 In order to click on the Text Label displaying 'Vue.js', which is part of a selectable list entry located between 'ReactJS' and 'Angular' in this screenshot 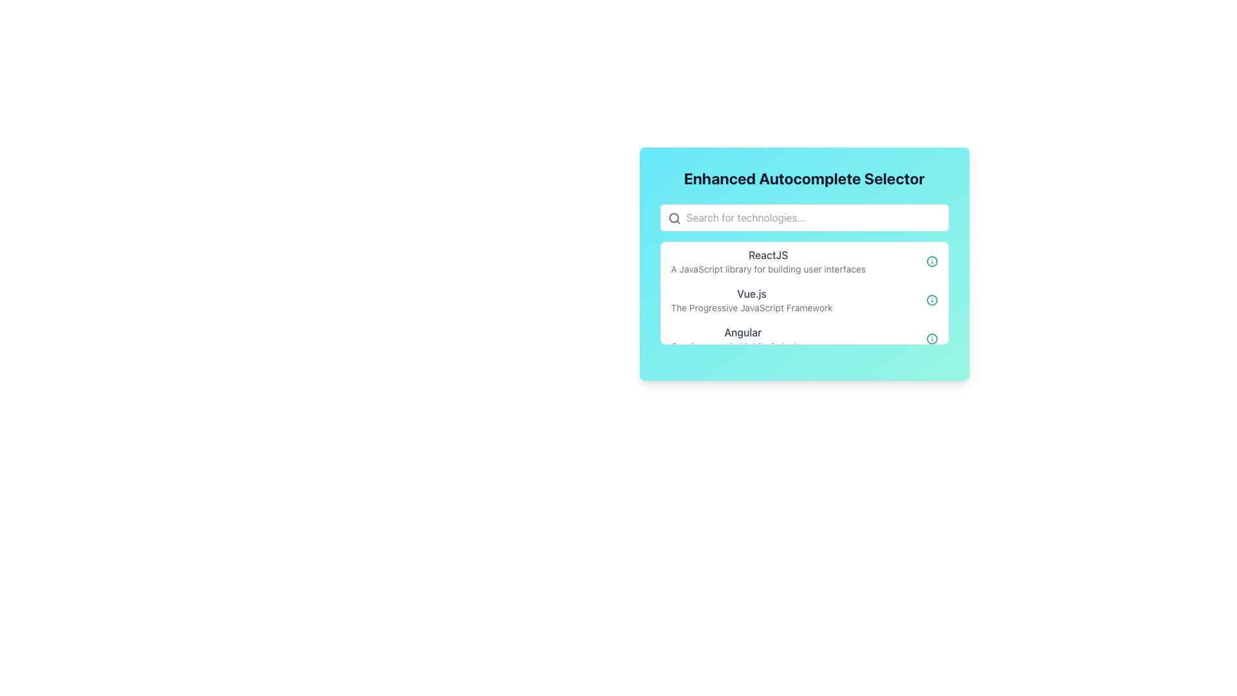, I will do `click(751, 293)`.